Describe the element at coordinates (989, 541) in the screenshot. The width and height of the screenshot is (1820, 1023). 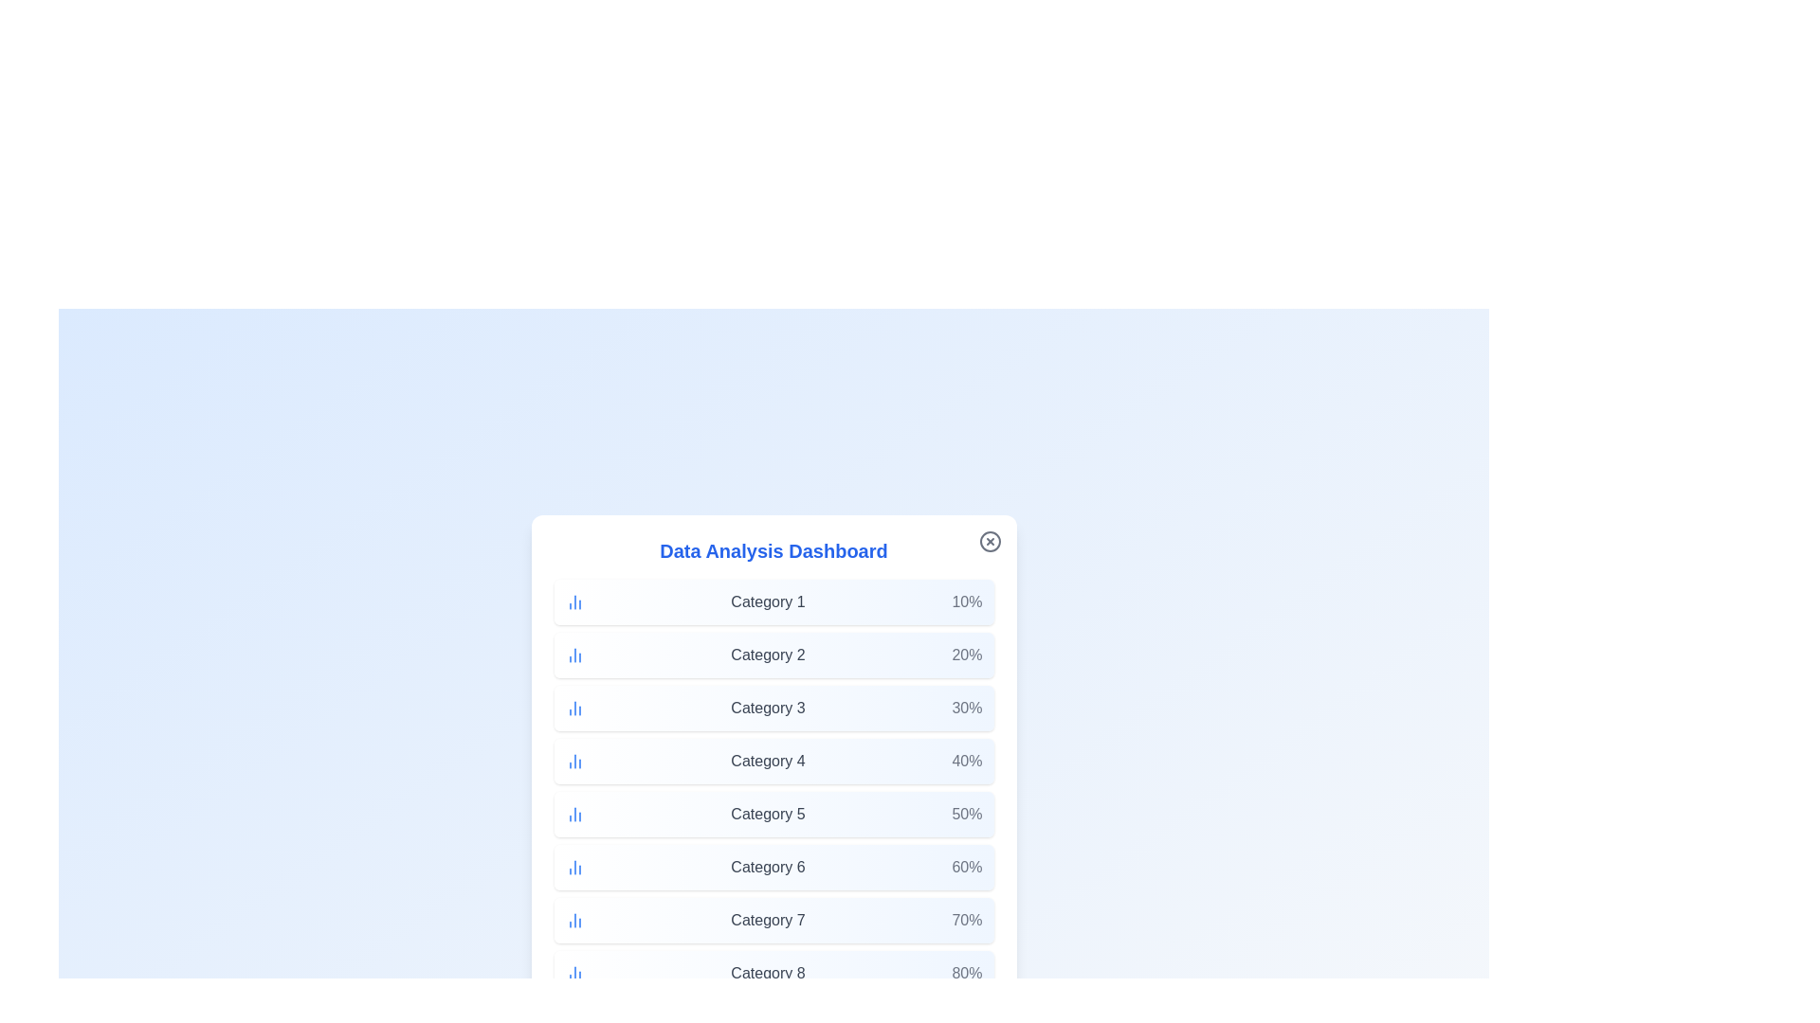
I see `the 'Close' button in the top right corner of the dialog` at that location.